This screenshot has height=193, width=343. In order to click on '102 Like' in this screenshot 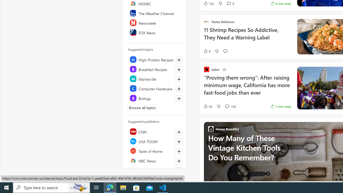, I will do `click(208, 3)`.